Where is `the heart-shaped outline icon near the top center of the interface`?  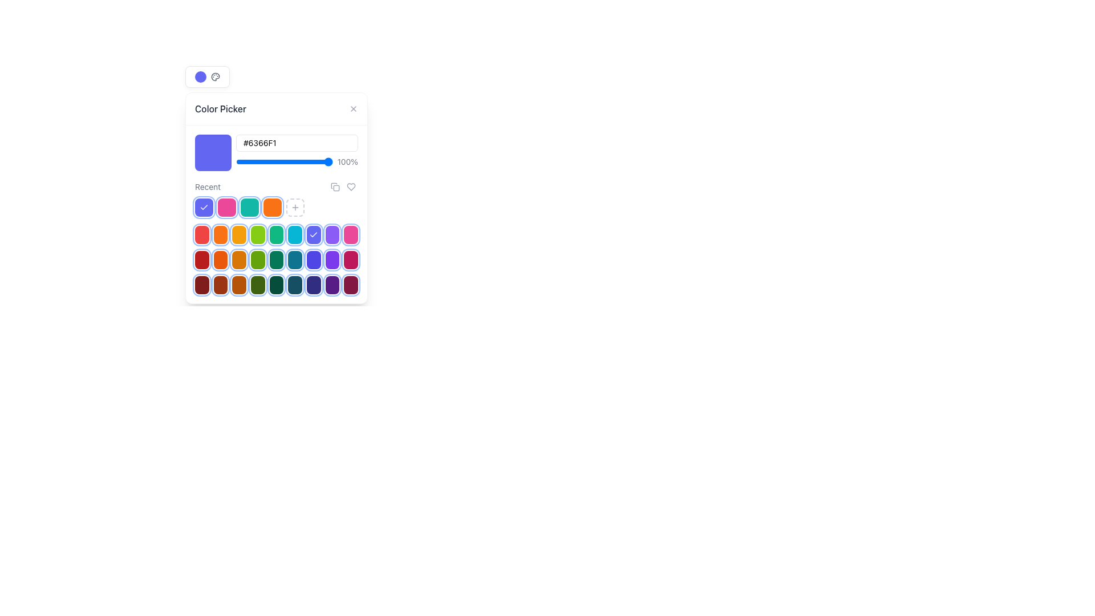
the heart-shaped outline icon near the top center of the interface is located at coordinates (350, 186).